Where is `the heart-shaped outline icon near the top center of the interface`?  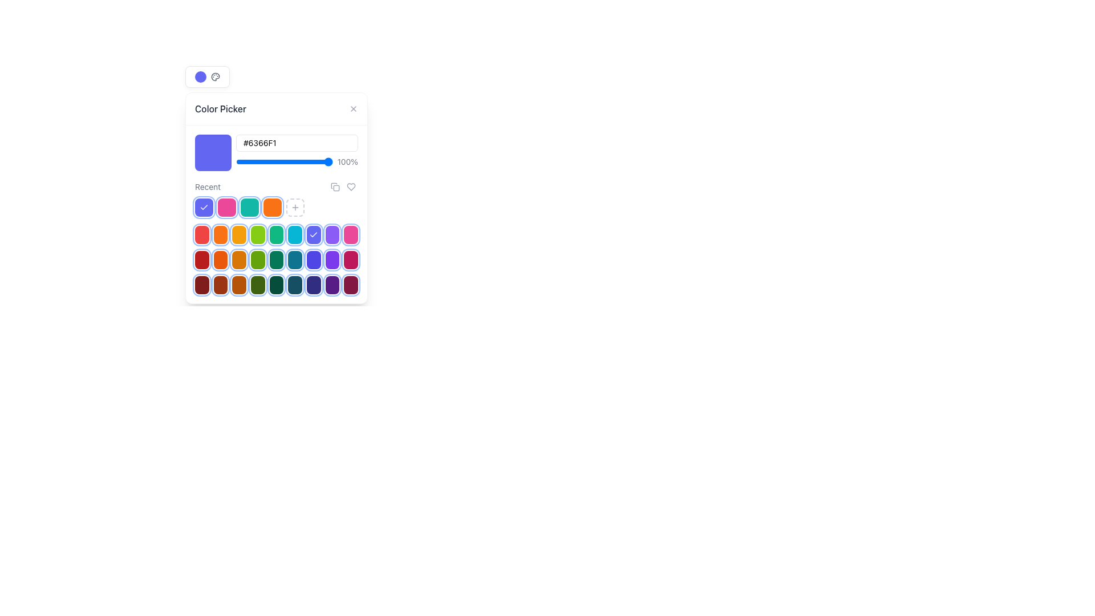
the heart-shaped outline icon near the top center of the interface is located at coordinates (350, 186).